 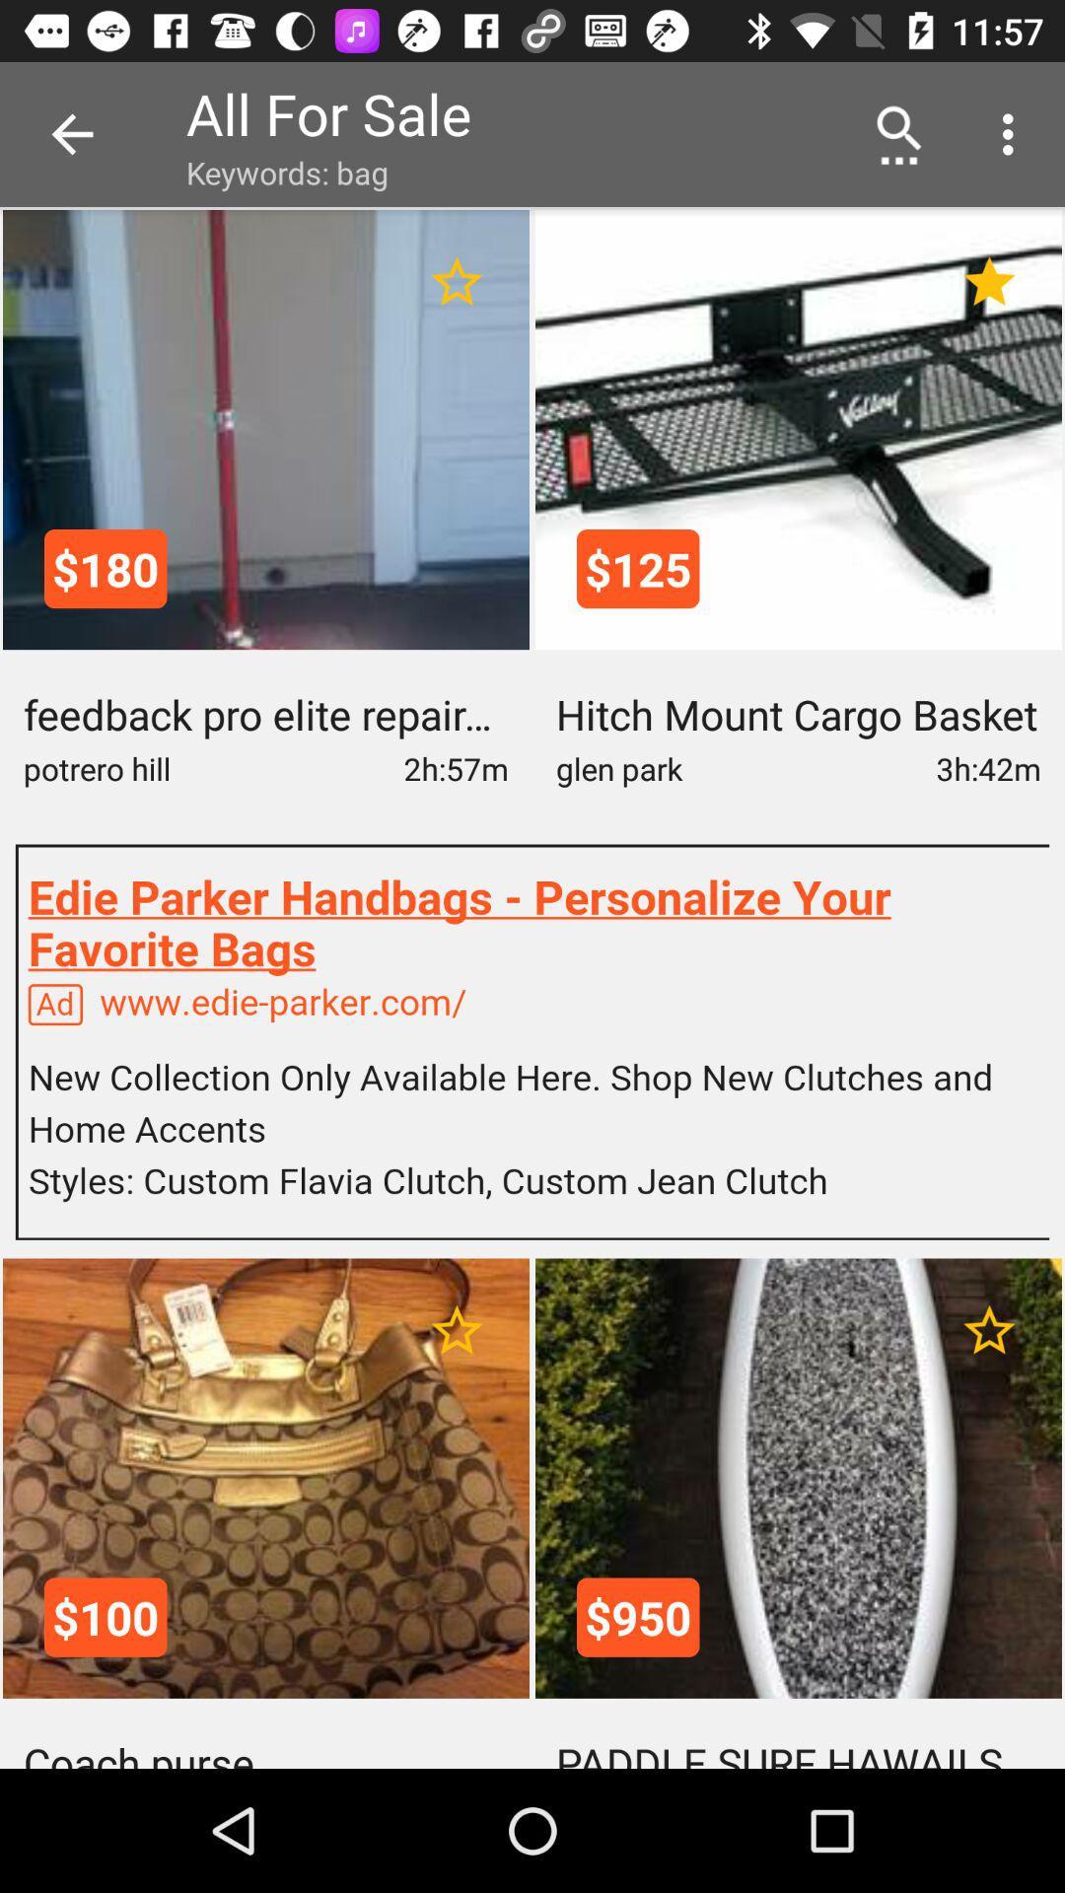 What do you see at coordinates (457, 1330) in the screenshot?
I see `item to favorites` at bounding box center [457, 1330].